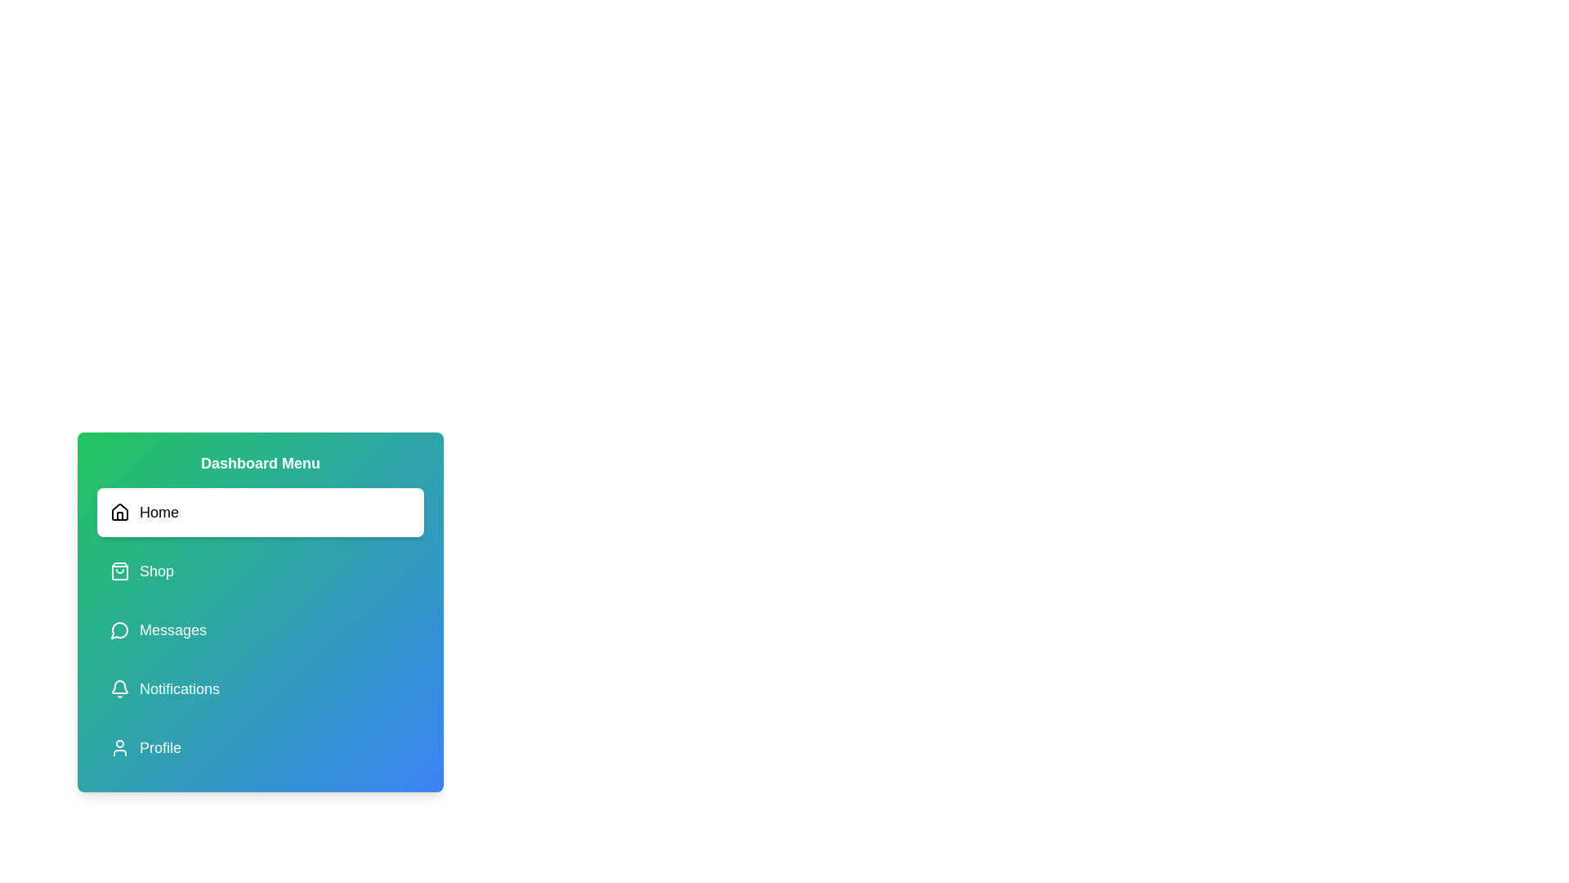 The width and height of the screenshot is (1569, 883). Describe the element at coordinates (259, 689) in the screenshot. I see `the menu item corresponding to Notifications to view its icon` at that location.